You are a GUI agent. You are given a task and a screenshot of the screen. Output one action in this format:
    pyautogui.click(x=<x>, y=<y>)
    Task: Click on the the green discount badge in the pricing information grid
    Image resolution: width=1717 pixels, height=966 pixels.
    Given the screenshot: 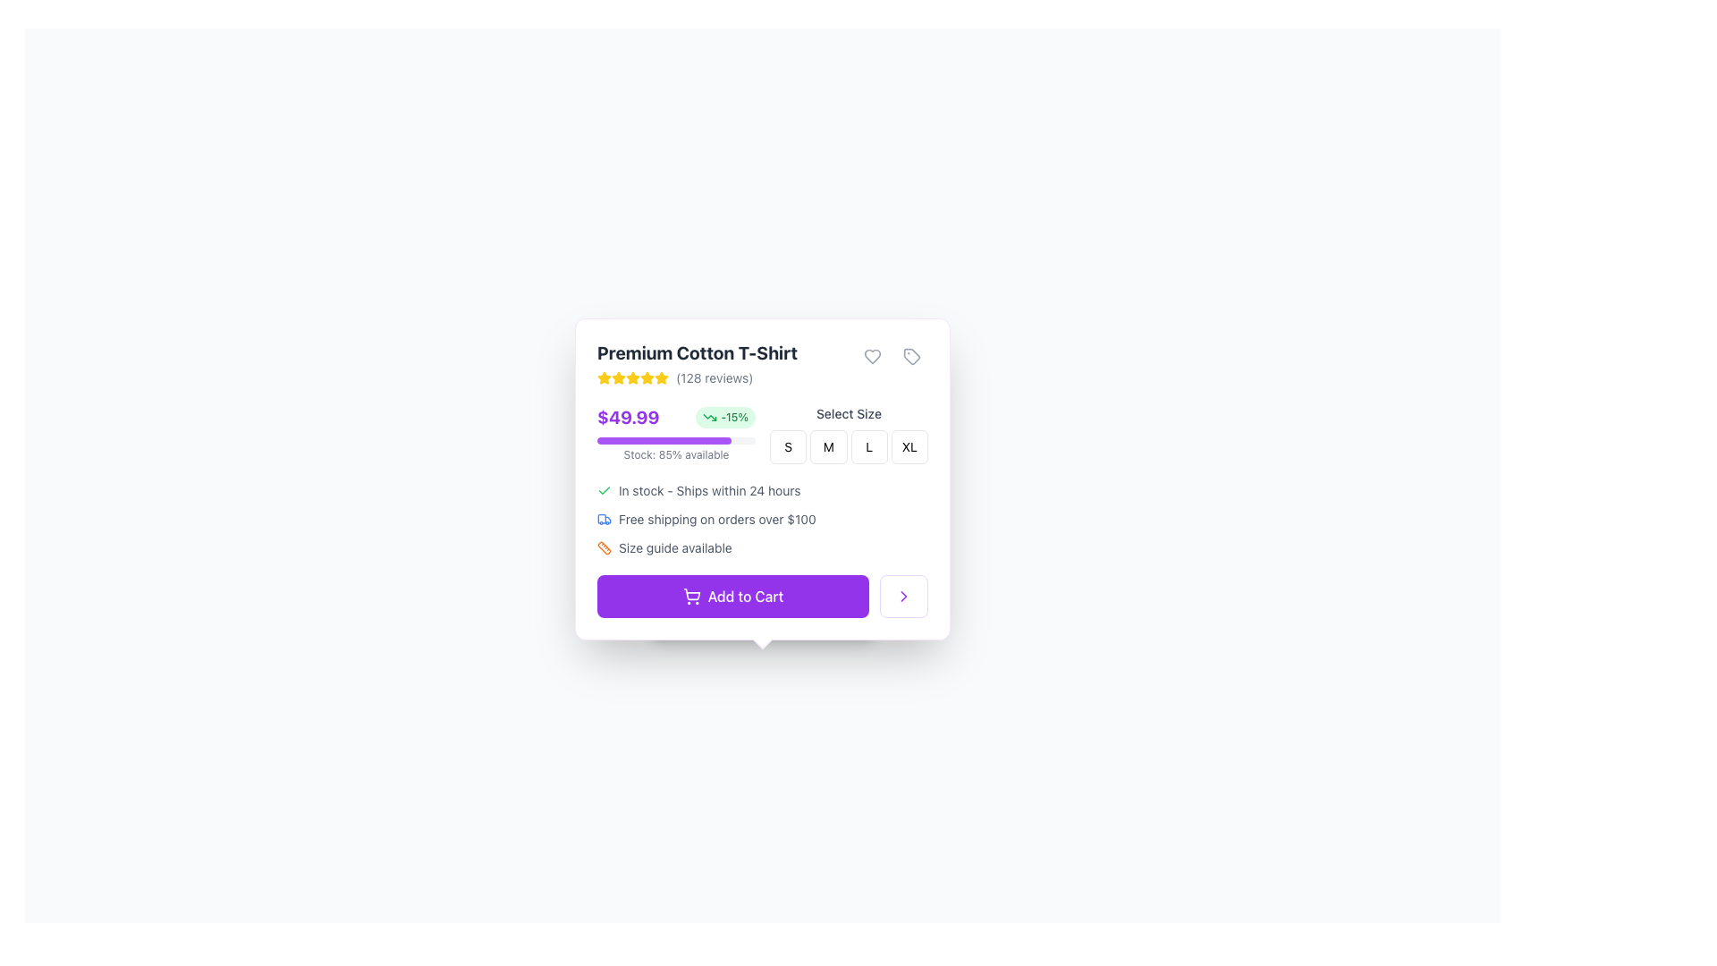 What is the action you would take?
    pyautogui.click(x=763, y=435)
    